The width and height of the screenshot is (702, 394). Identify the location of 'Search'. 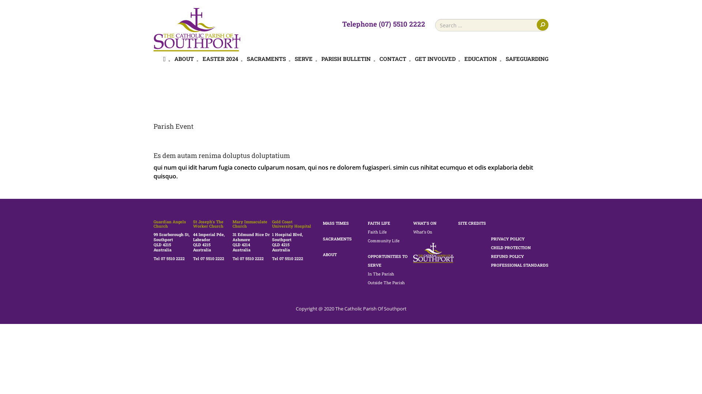
(542, 24).